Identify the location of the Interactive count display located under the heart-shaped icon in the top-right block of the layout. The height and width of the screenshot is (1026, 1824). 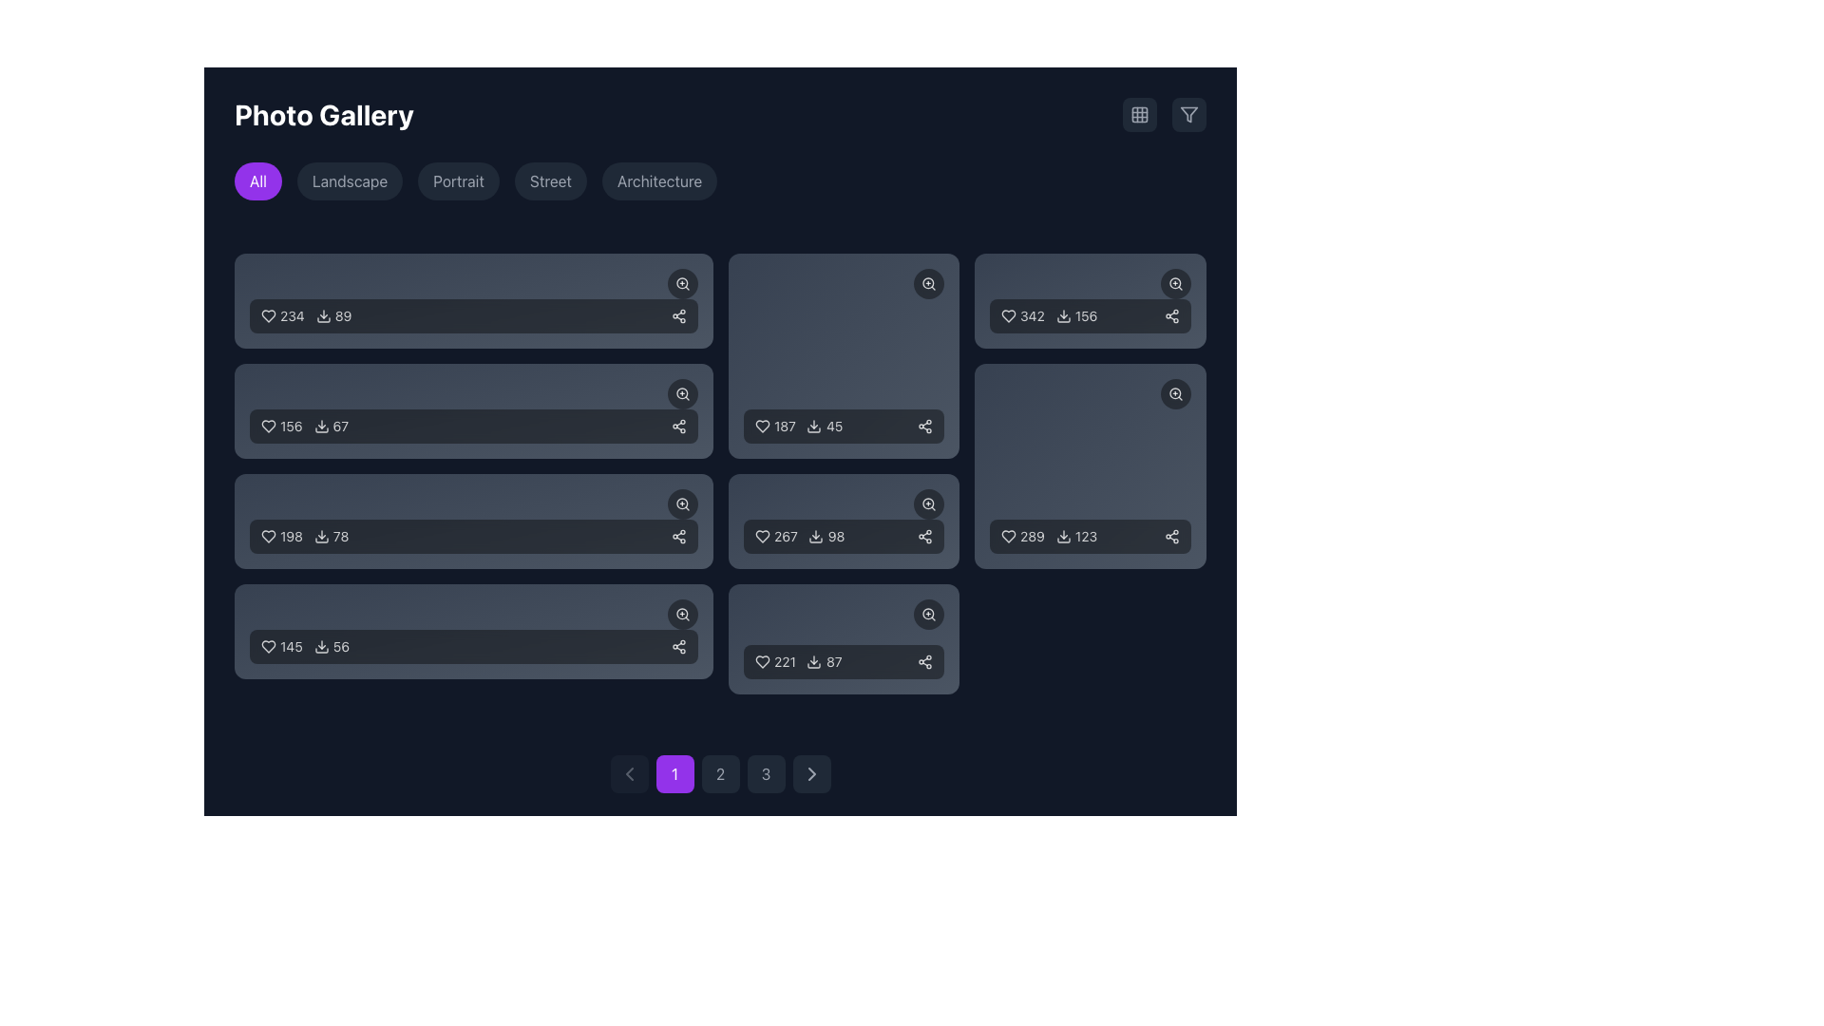
(1022, 314).